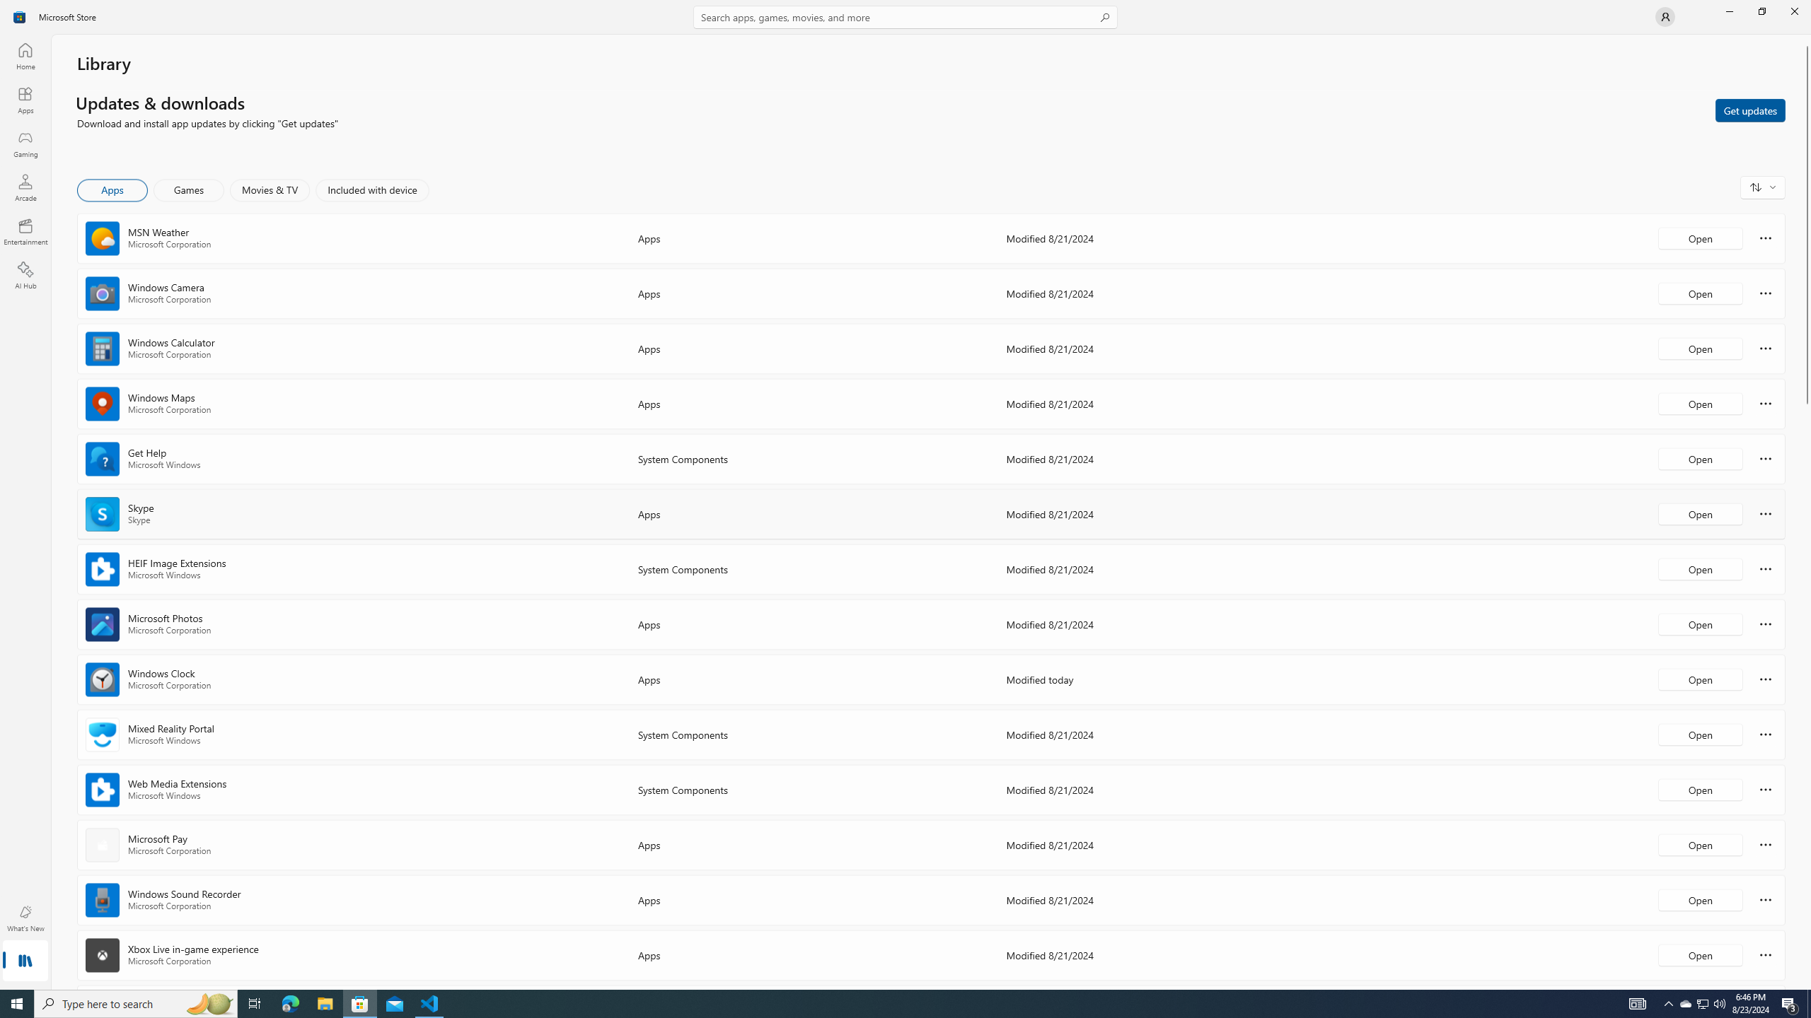  Describe the element at coordinates (269, 189) in the screenshot. I see `'Movies & TV'` at that location.